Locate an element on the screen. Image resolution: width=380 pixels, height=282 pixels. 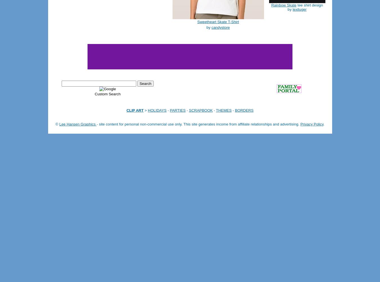
'lexiluger' is located at coordinates (299, 9).